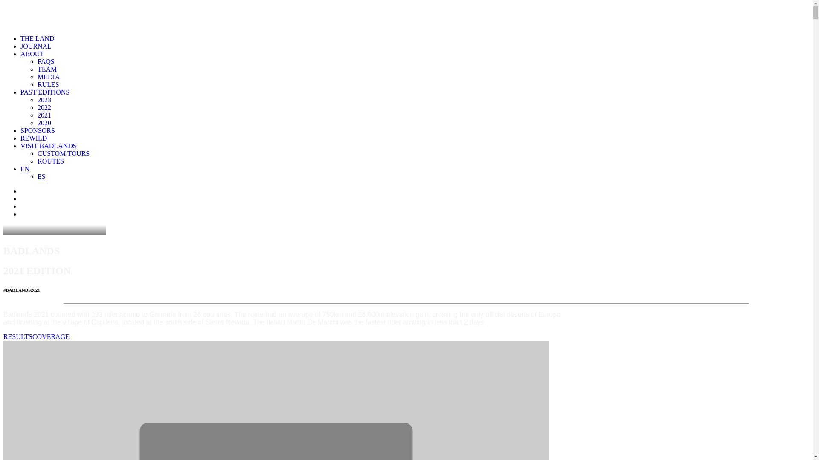 This screenshot has width=819, height=460. I want to click on '2022', so click(44, 107).